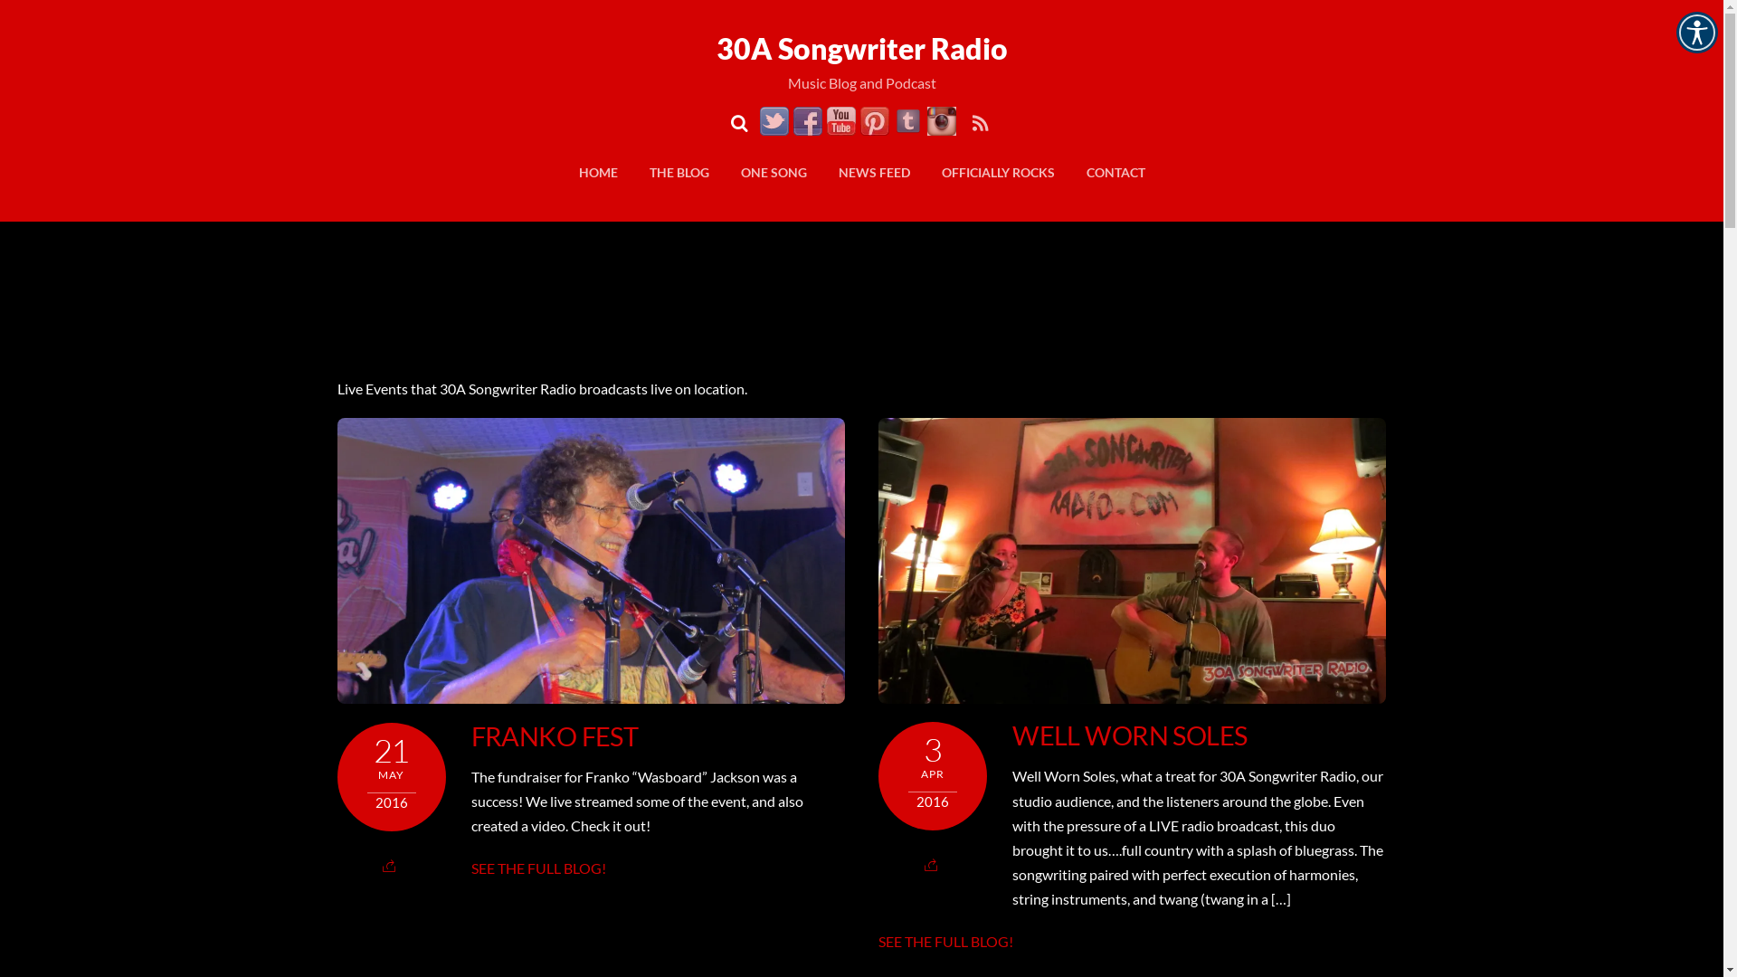  I want to click on 'RSS', so click(979, 122).